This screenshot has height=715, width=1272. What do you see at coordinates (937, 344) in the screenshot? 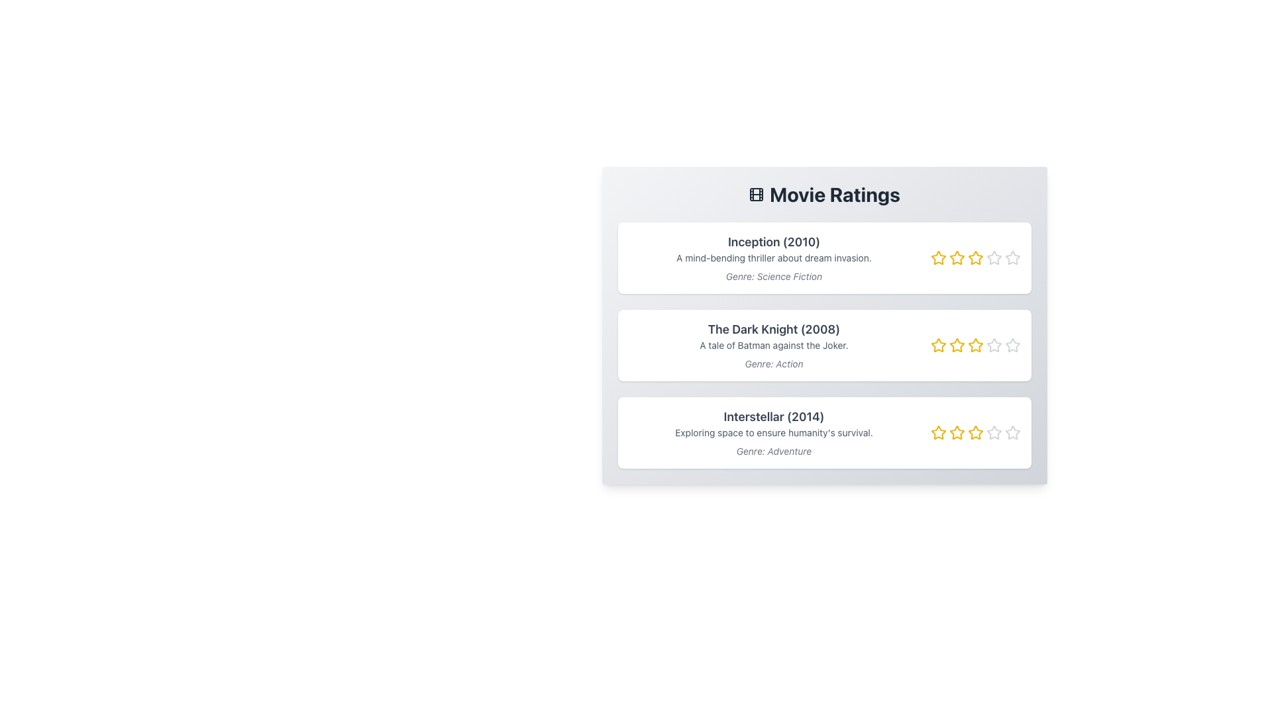
I see `the second star icon in the ratings section for 'The Dark Knight (2008)', which is a five-pointed star with a golden yellow border` at bounding box center [937, 344].